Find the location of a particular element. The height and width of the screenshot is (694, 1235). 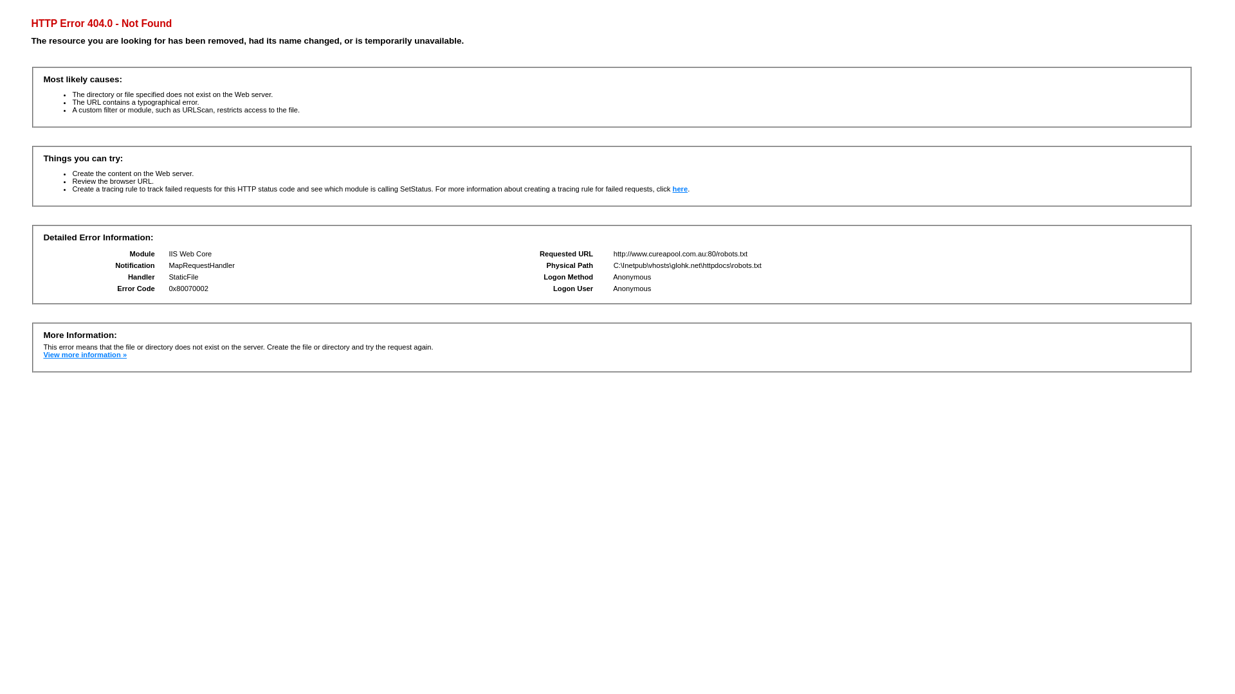

'here' is located at coordinates (672, 188).